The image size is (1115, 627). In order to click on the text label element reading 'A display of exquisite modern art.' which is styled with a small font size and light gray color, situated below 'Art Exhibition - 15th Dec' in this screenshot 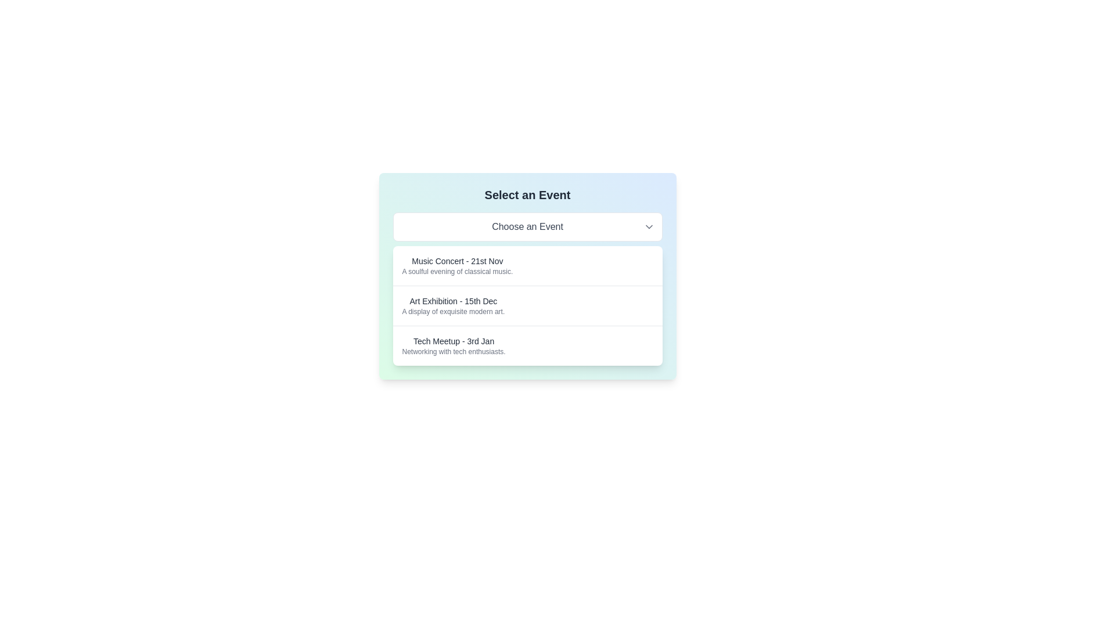, I will do `click(452, 311)`.